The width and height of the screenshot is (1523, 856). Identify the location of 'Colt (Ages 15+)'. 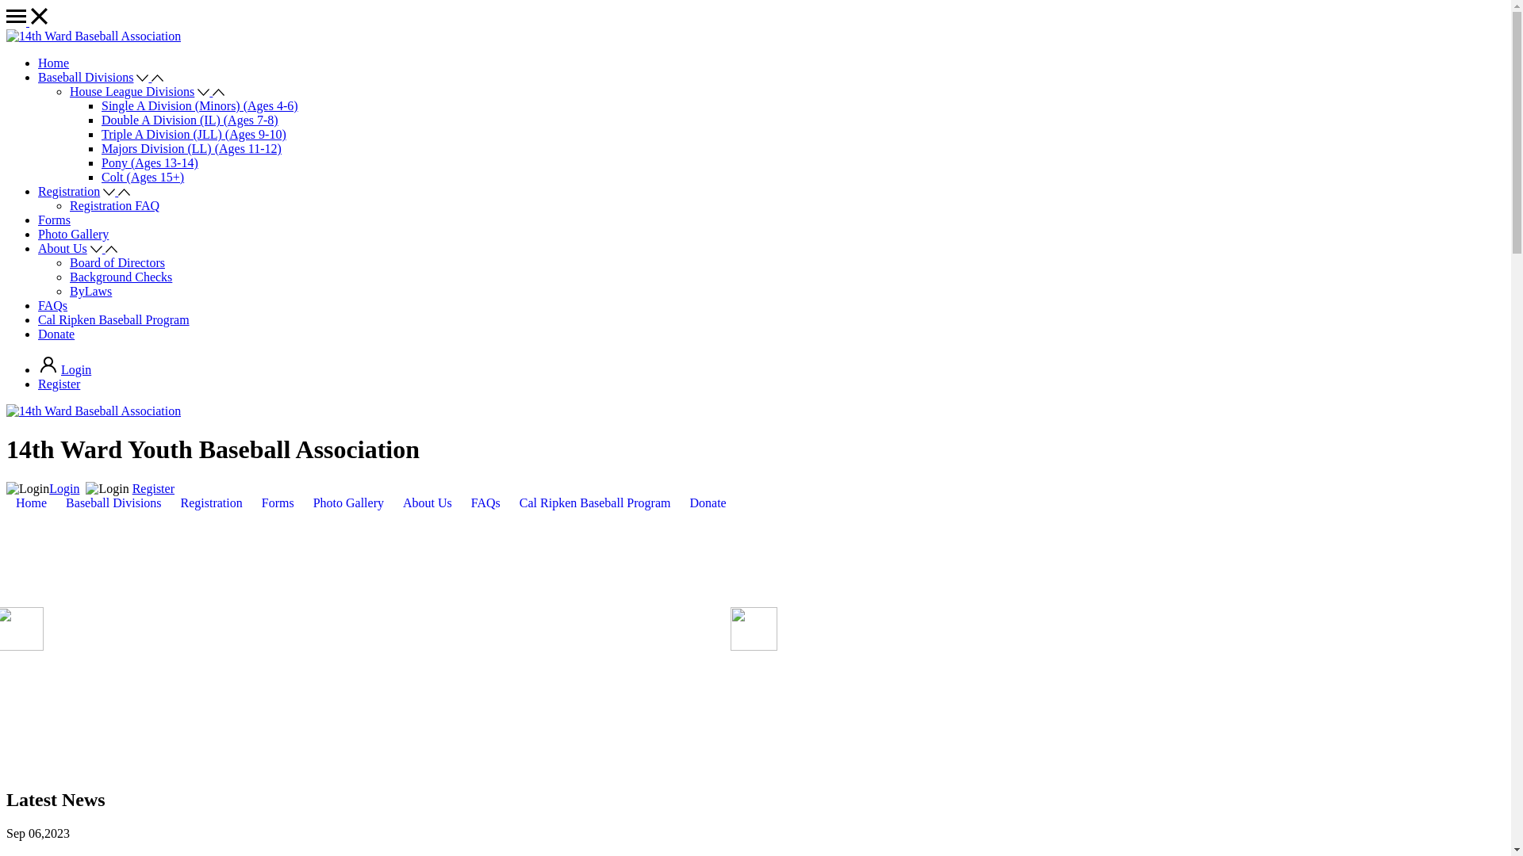
(143, 177).